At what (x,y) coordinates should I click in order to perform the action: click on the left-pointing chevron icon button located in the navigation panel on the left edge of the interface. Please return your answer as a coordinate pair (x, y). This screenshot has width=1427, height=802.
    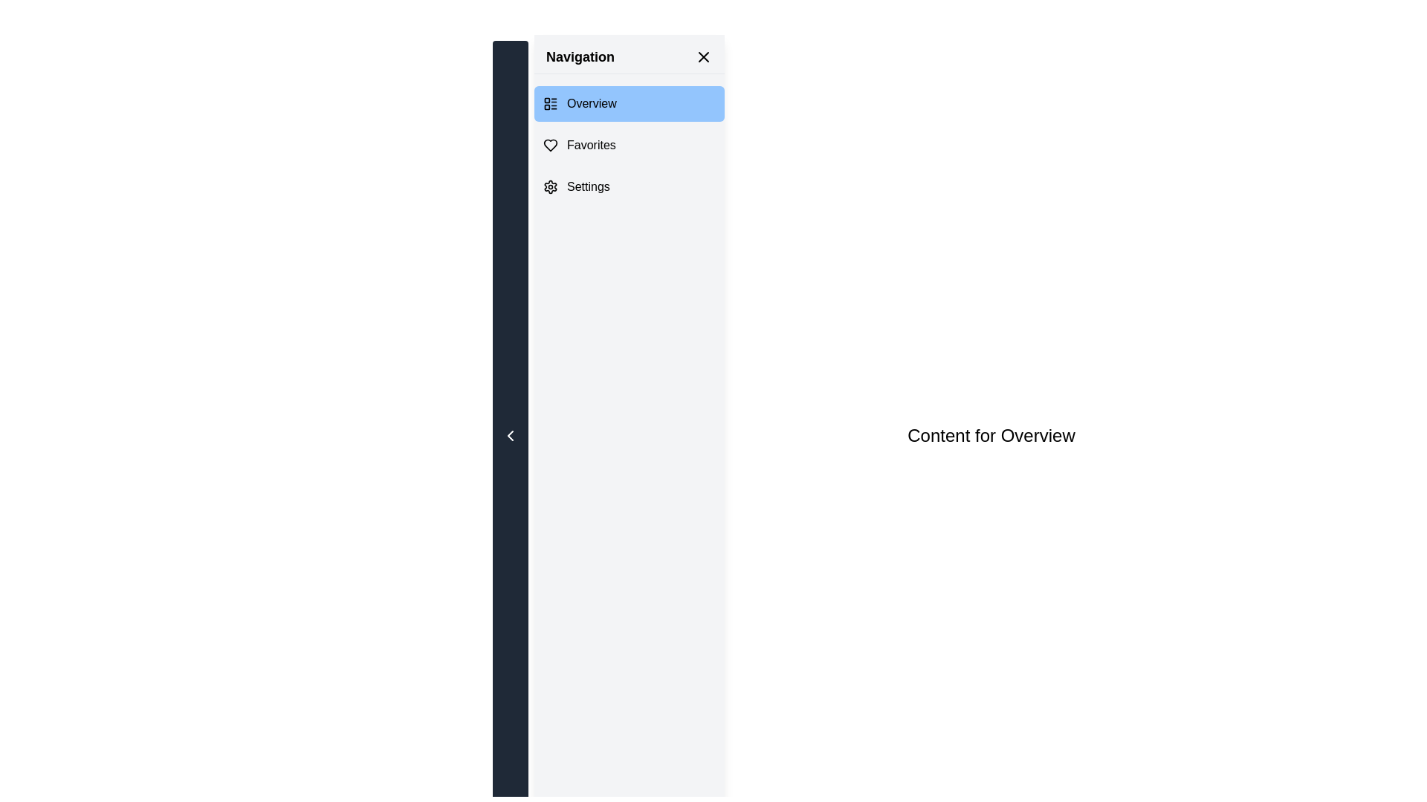
    Looking at the image, I should click on (510, 434).